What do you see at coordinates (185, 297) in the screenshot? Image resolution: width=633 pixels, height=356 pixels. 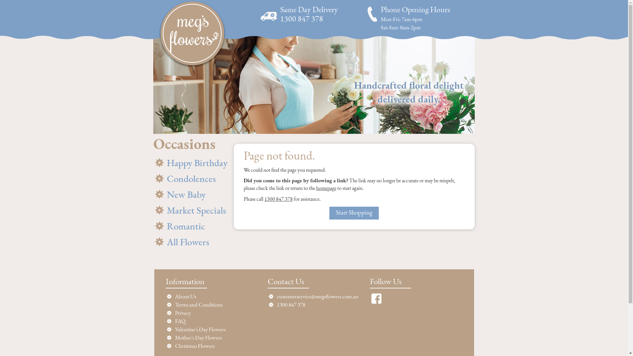 I see `'About Us'` at bounding box center [185, 297].